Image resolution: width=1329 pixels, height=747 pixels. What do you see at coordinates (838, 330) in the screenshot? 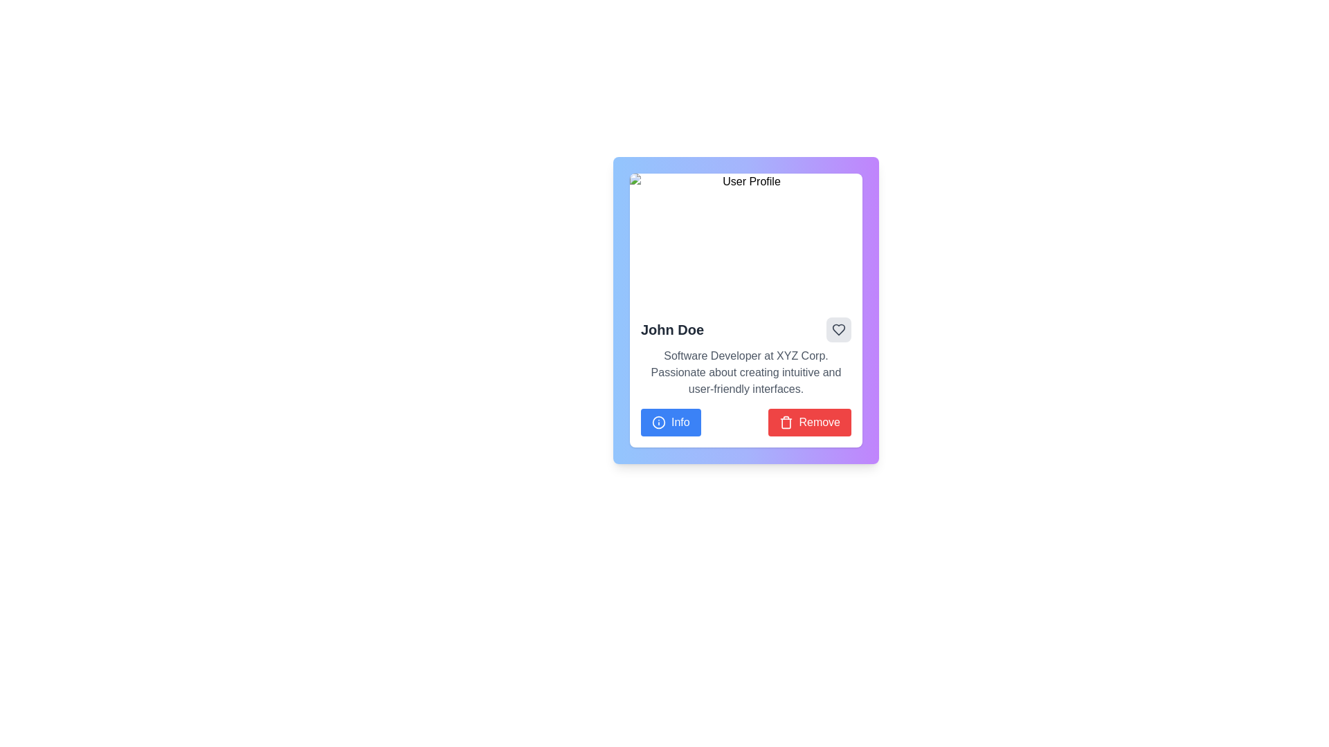
I see `the heart-shaped icon button located in the top-right corner of the user profile card, which has a hollow center and thick rounded edges, styled with a gray tone` at bounding box center [838, 330].